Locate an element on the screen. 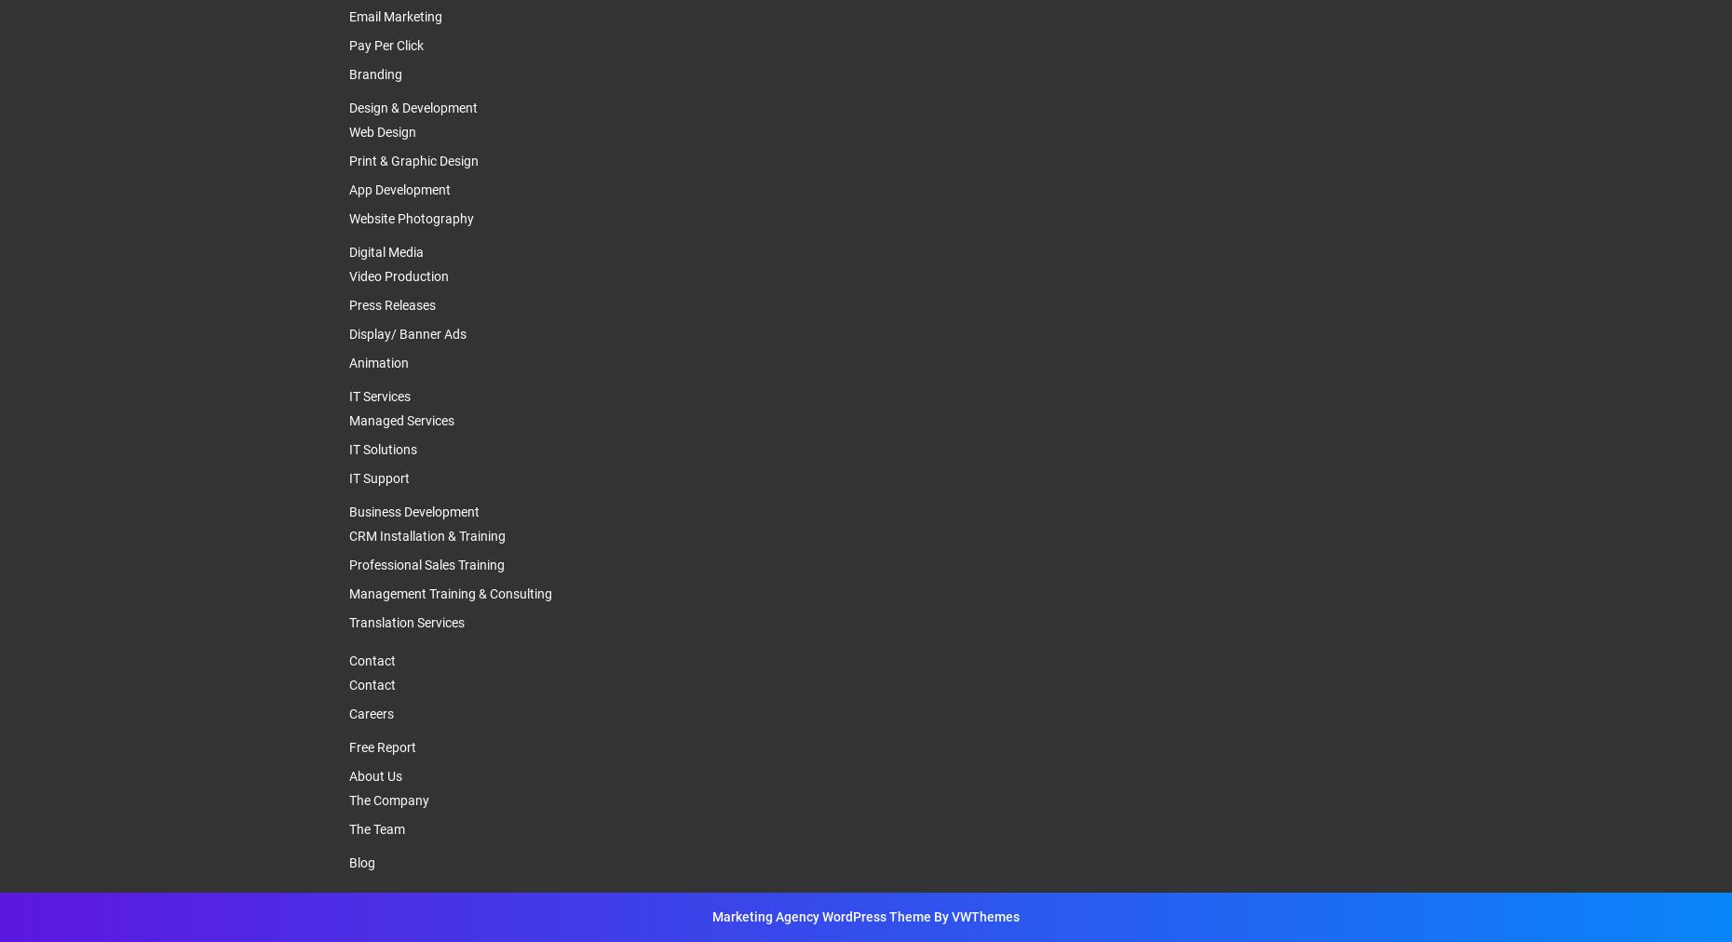  'Careers' is located at coordinates (371, 712).